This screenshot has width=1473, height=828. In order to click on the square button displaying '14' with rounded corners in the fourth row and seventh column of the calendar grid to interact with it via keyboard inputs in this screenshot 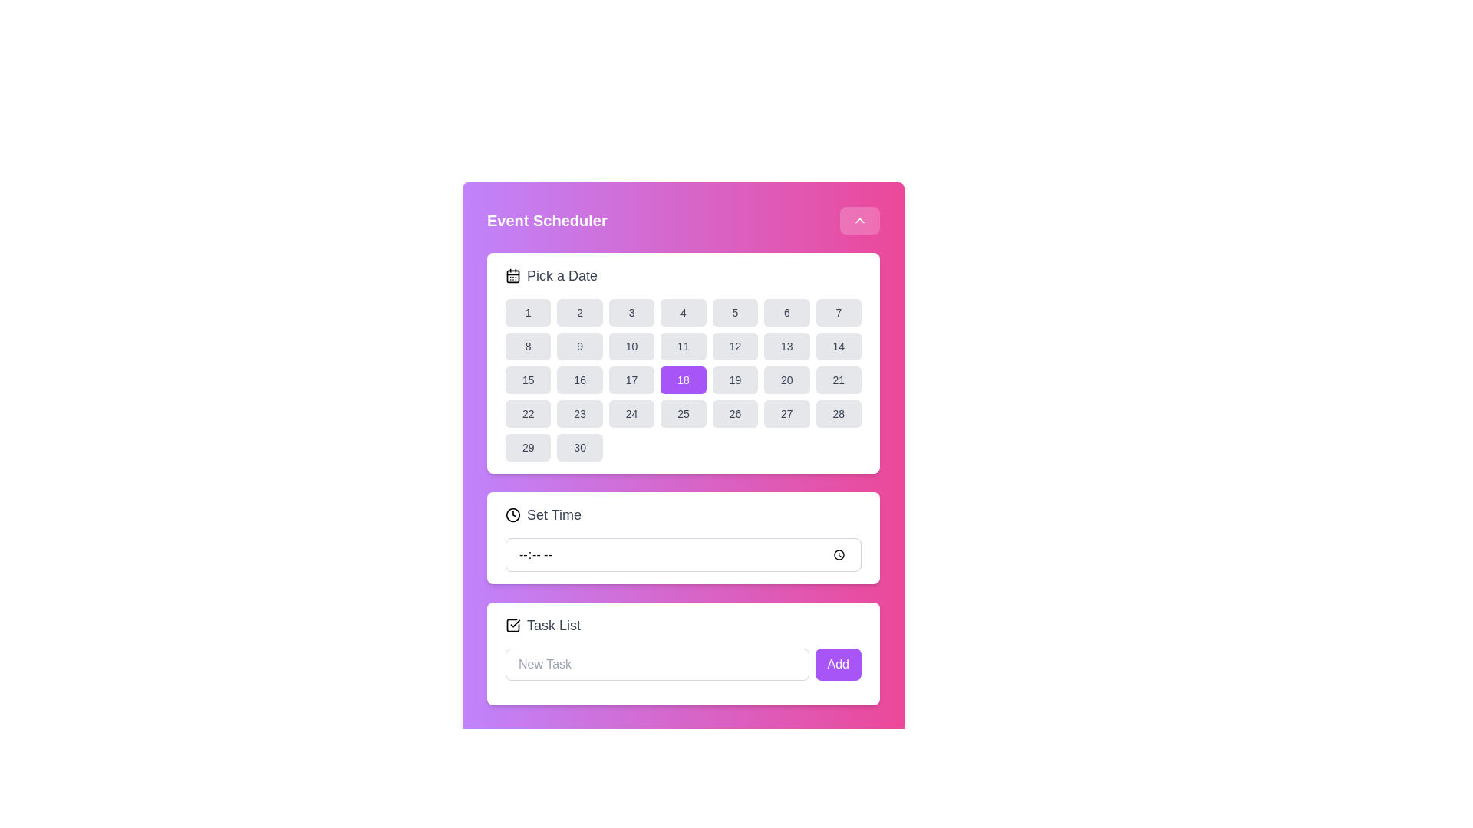, I will do `click(838, 346)`.